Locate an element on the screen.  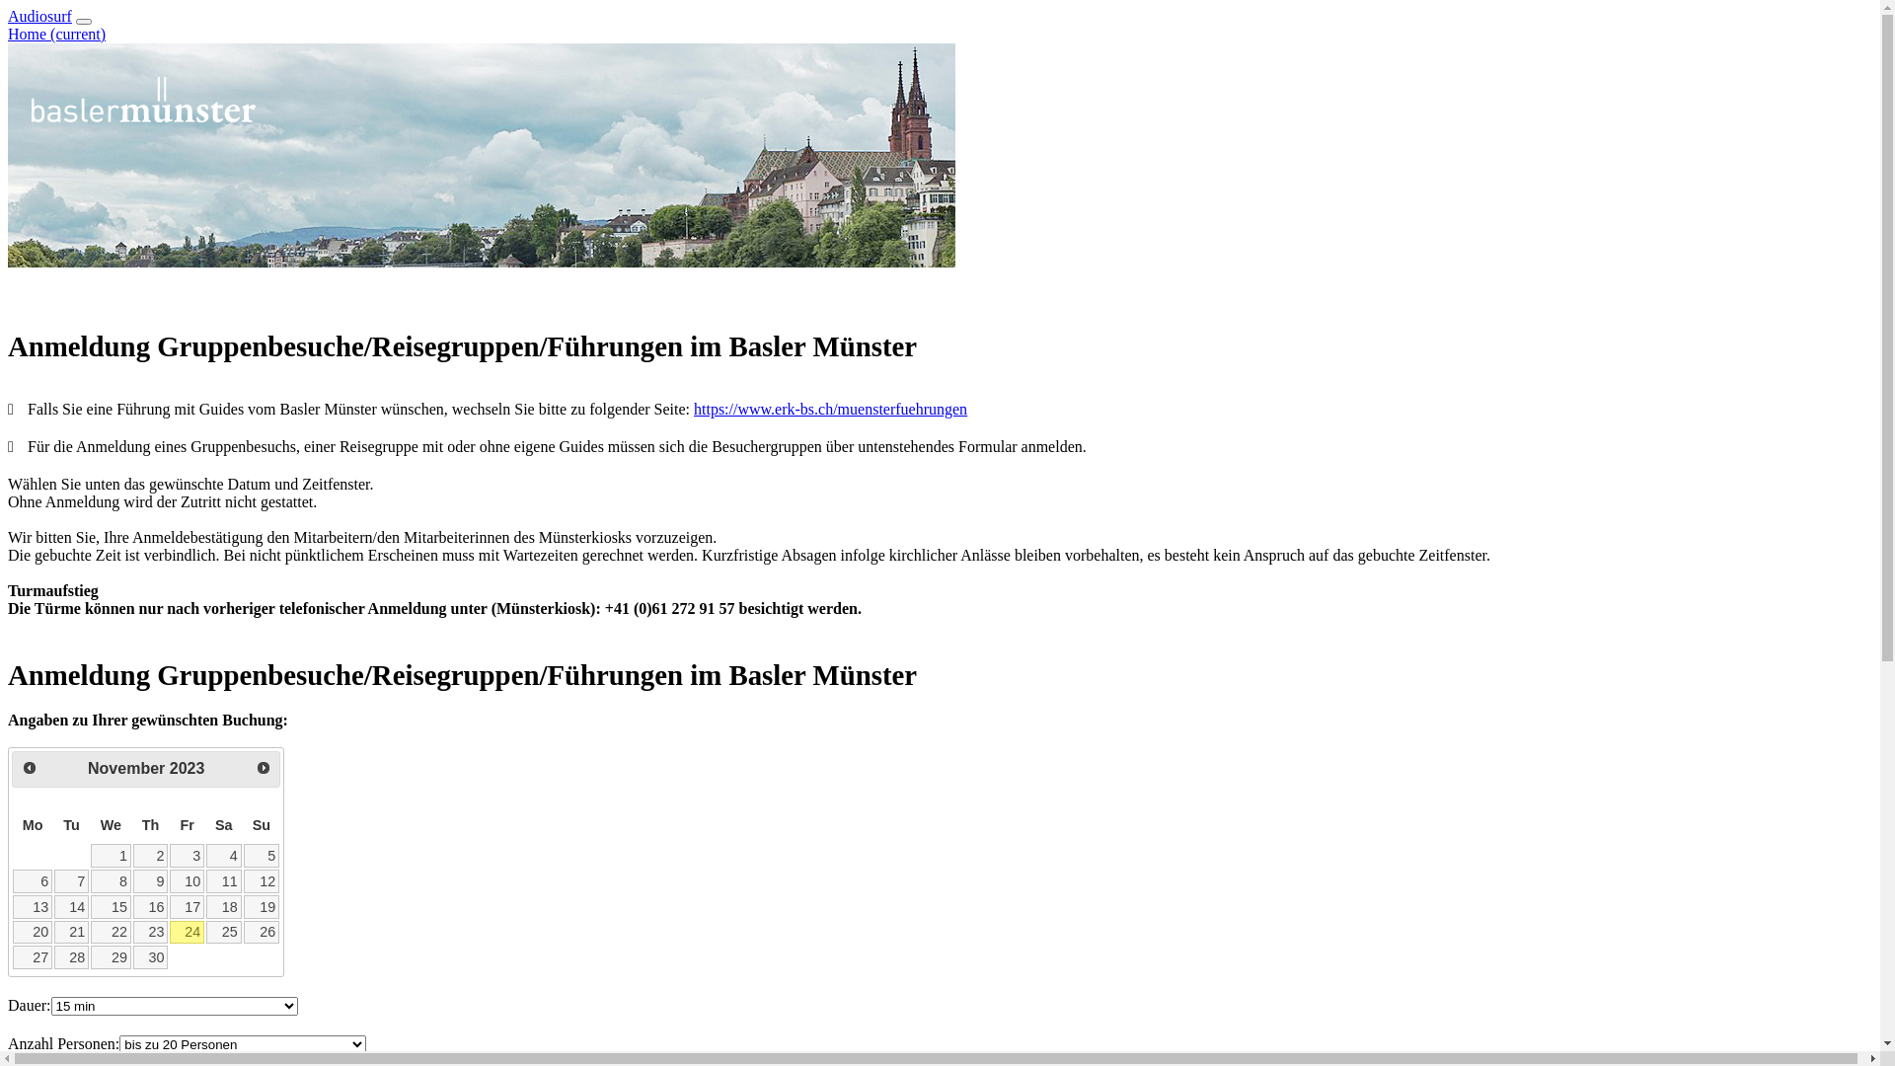
'29' is located at coordinates (110, 955).